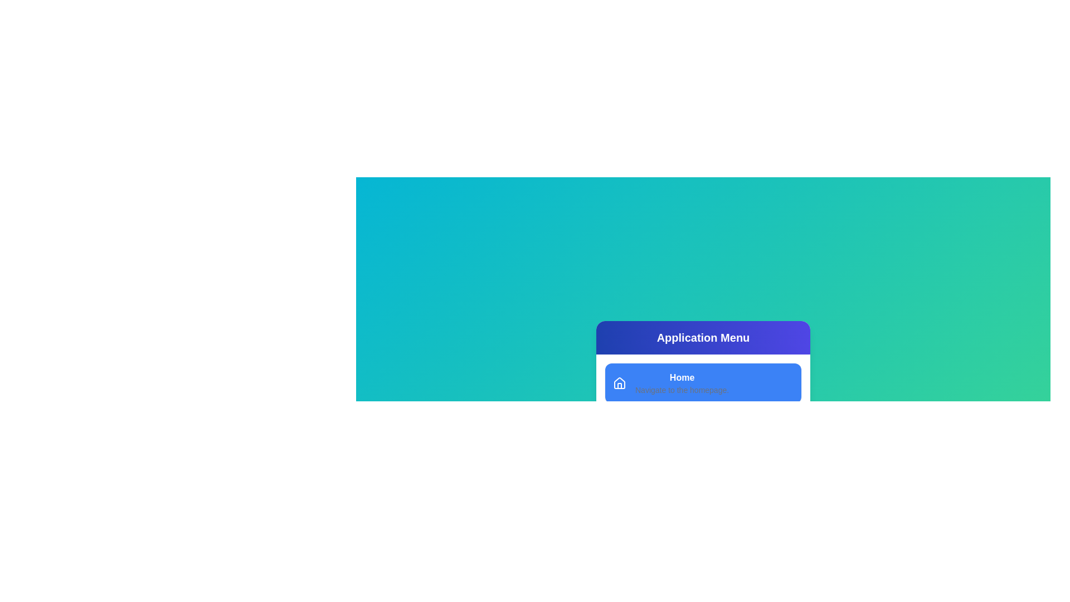  What do you see at coordinates (703, 382) in the screenshot?
I see `the menu item Home to navigate to the corresponding section` at bounding box center [703, 382].